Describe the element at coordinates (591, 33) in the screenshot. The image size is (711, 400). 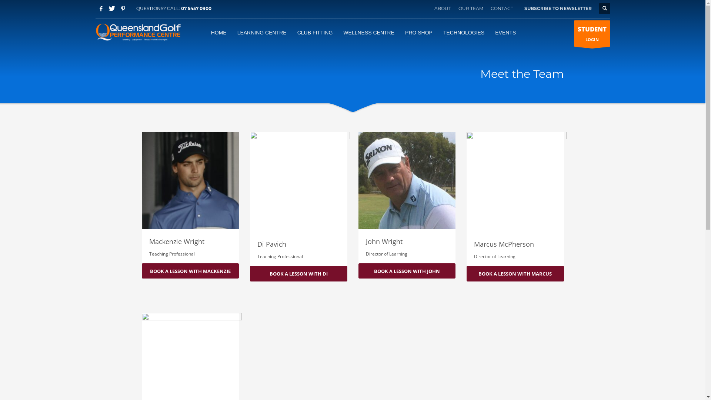
I see `'STUDENT` at that location.